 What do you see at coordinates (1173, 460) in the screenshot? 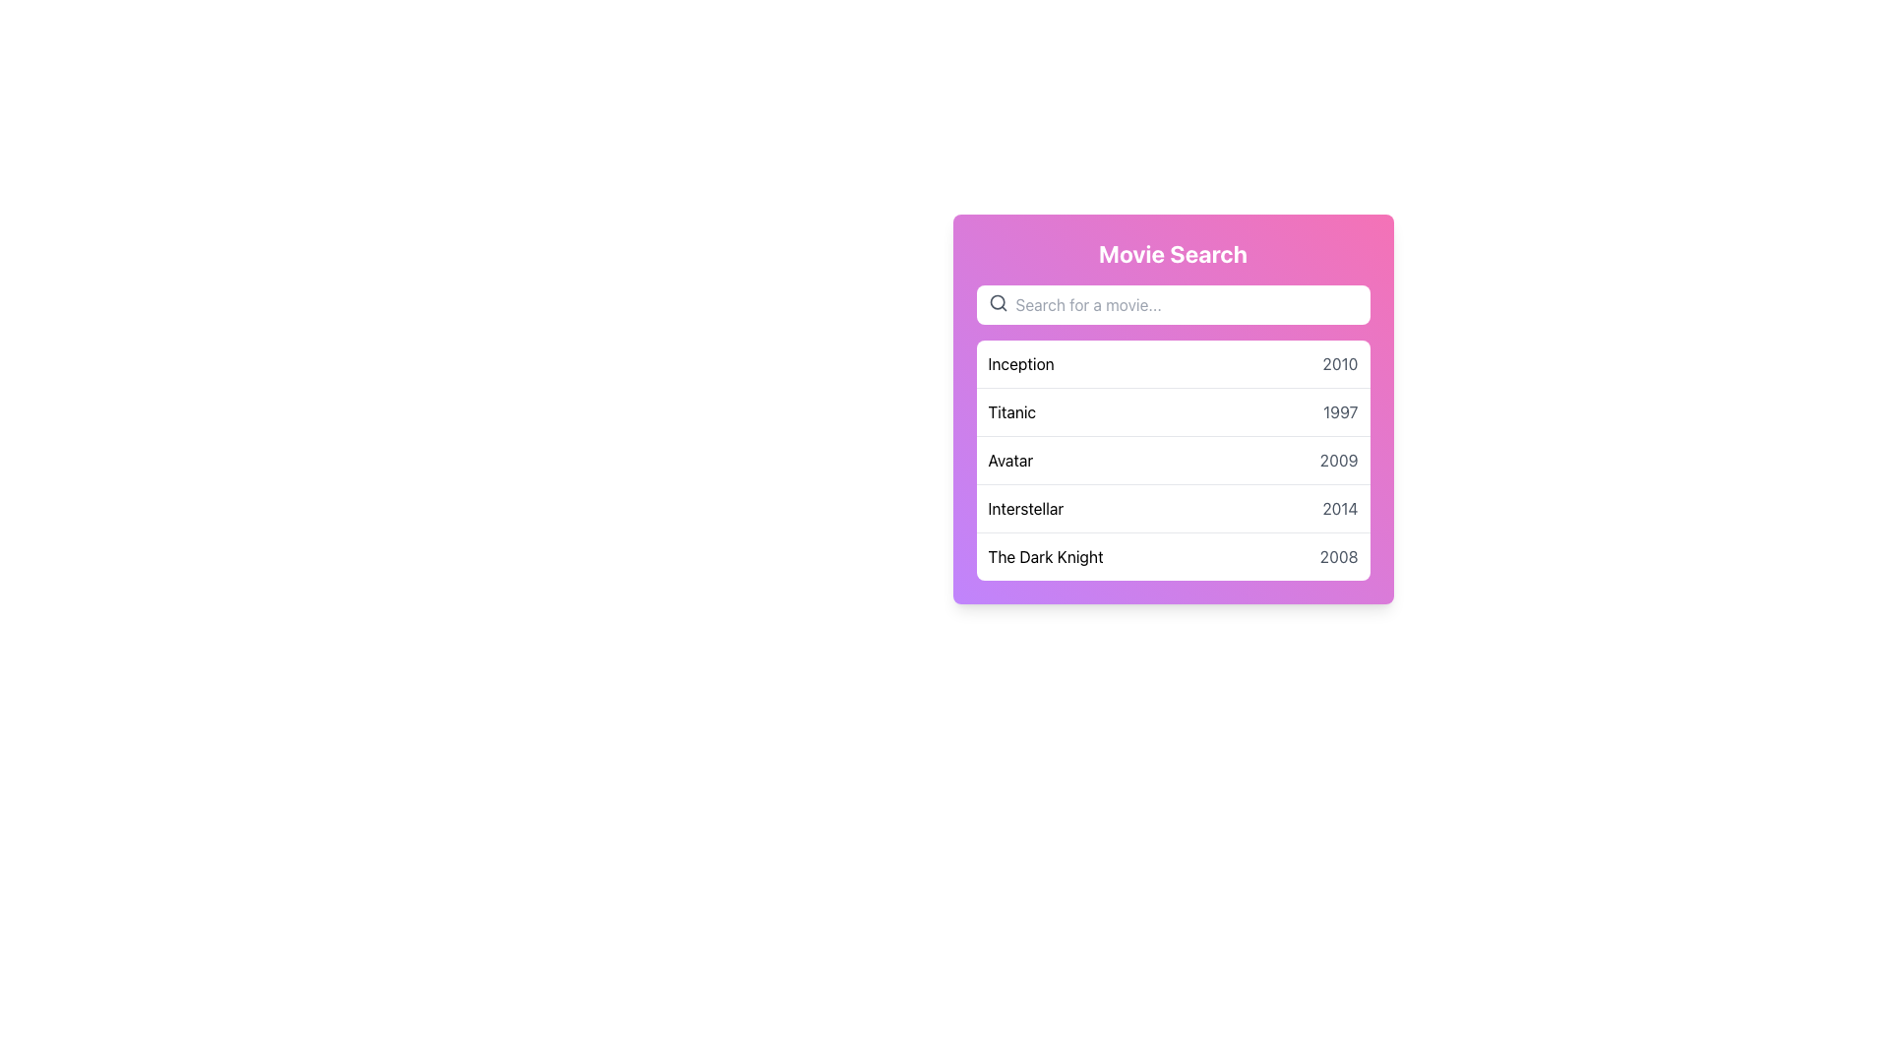
I see `the third selectable list item for the movie 'Avatar' to change its background color` at bounding box center [1173, 460].